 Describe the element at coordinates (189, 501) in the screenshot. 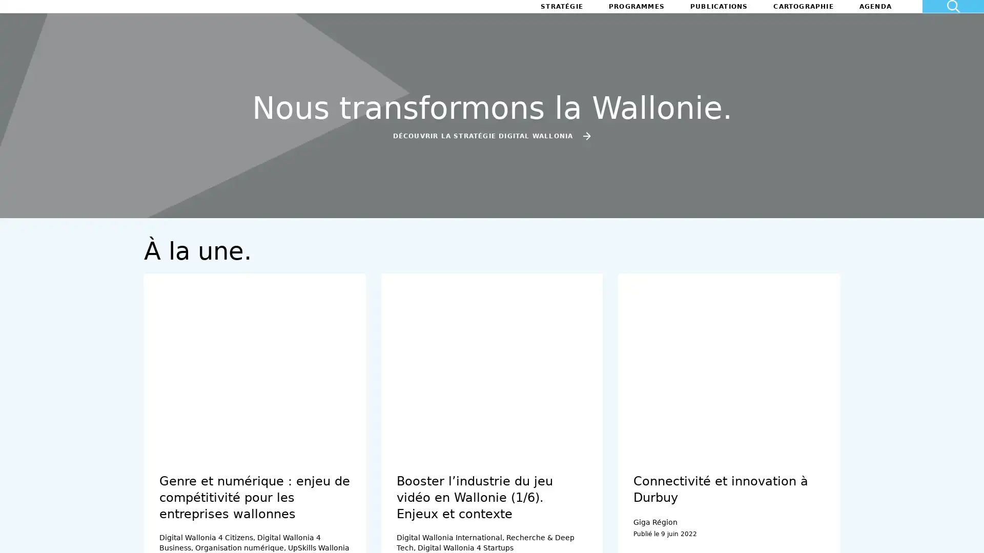

I see `OK pour moi` at that location.